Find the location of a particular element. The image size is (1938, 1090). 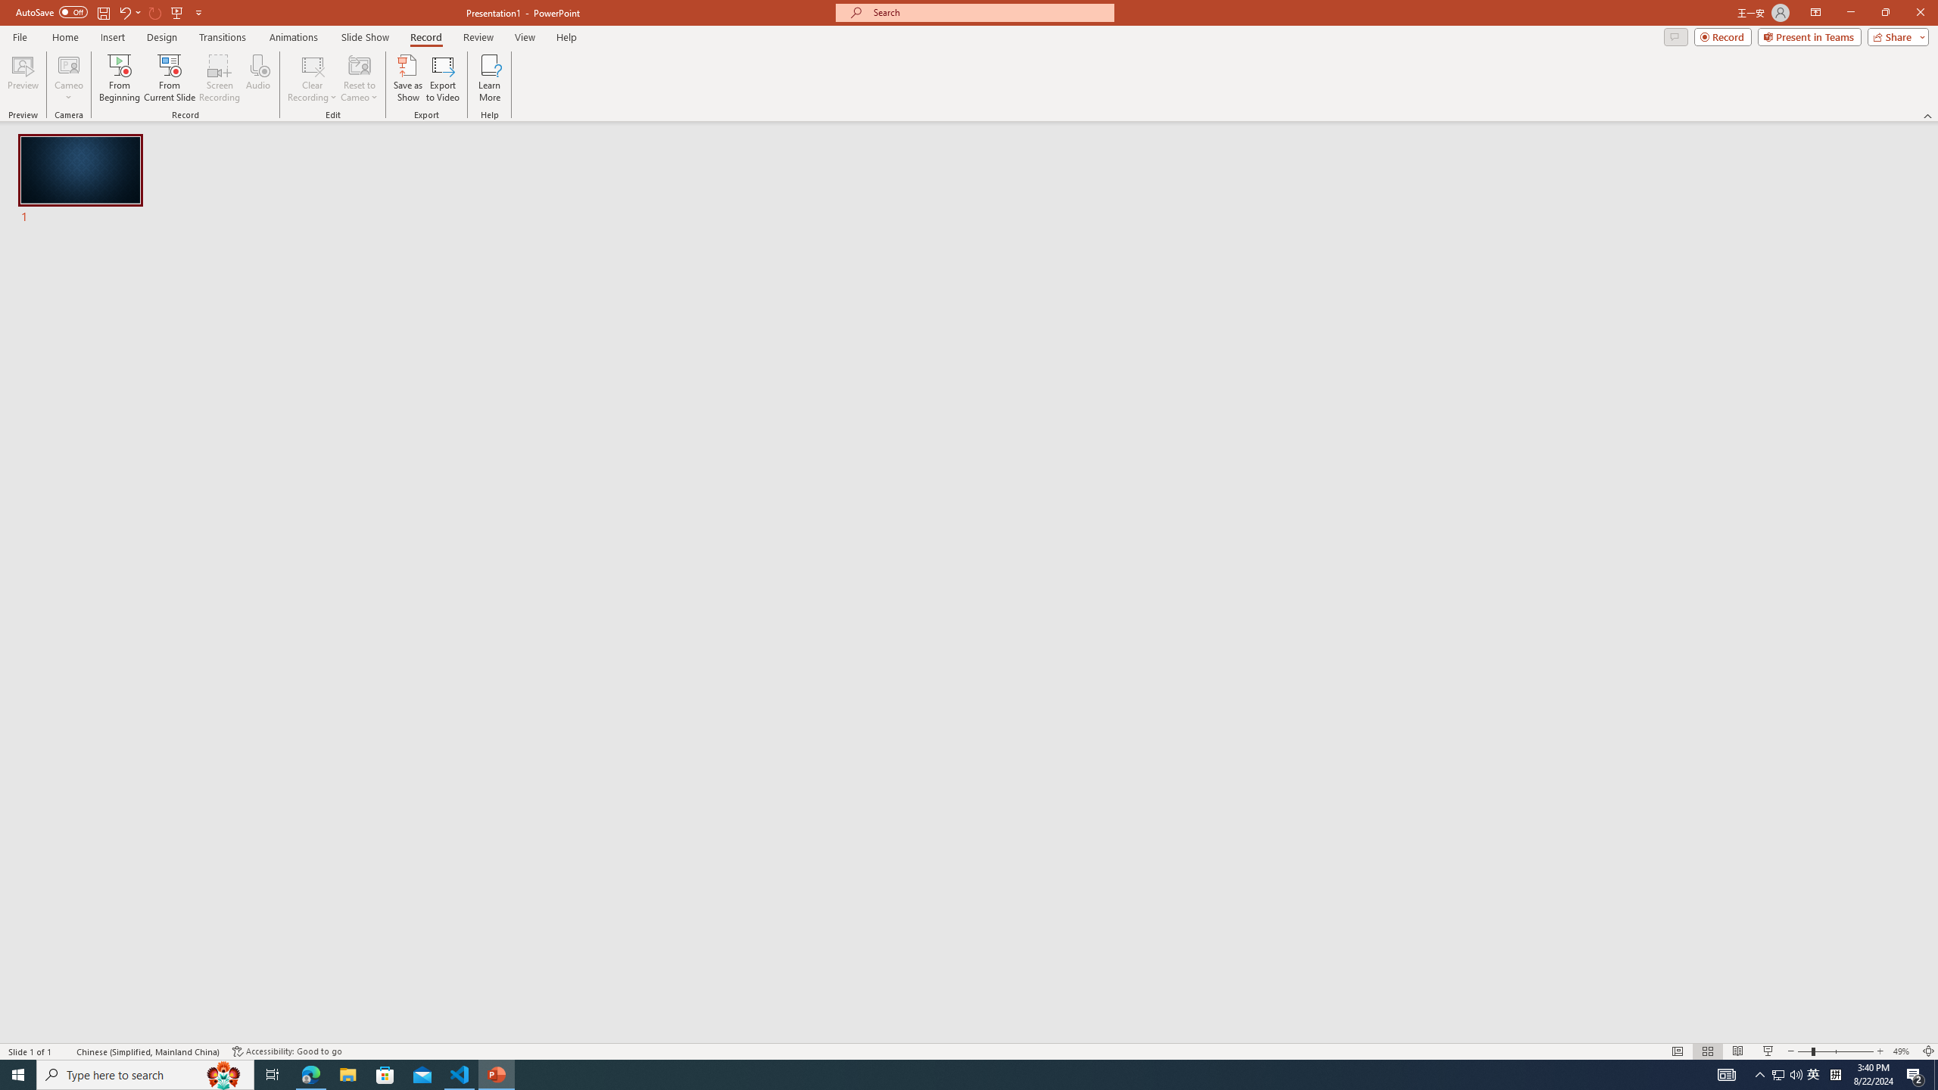

'Spell Check ' is located at coordinates (65, 1051).